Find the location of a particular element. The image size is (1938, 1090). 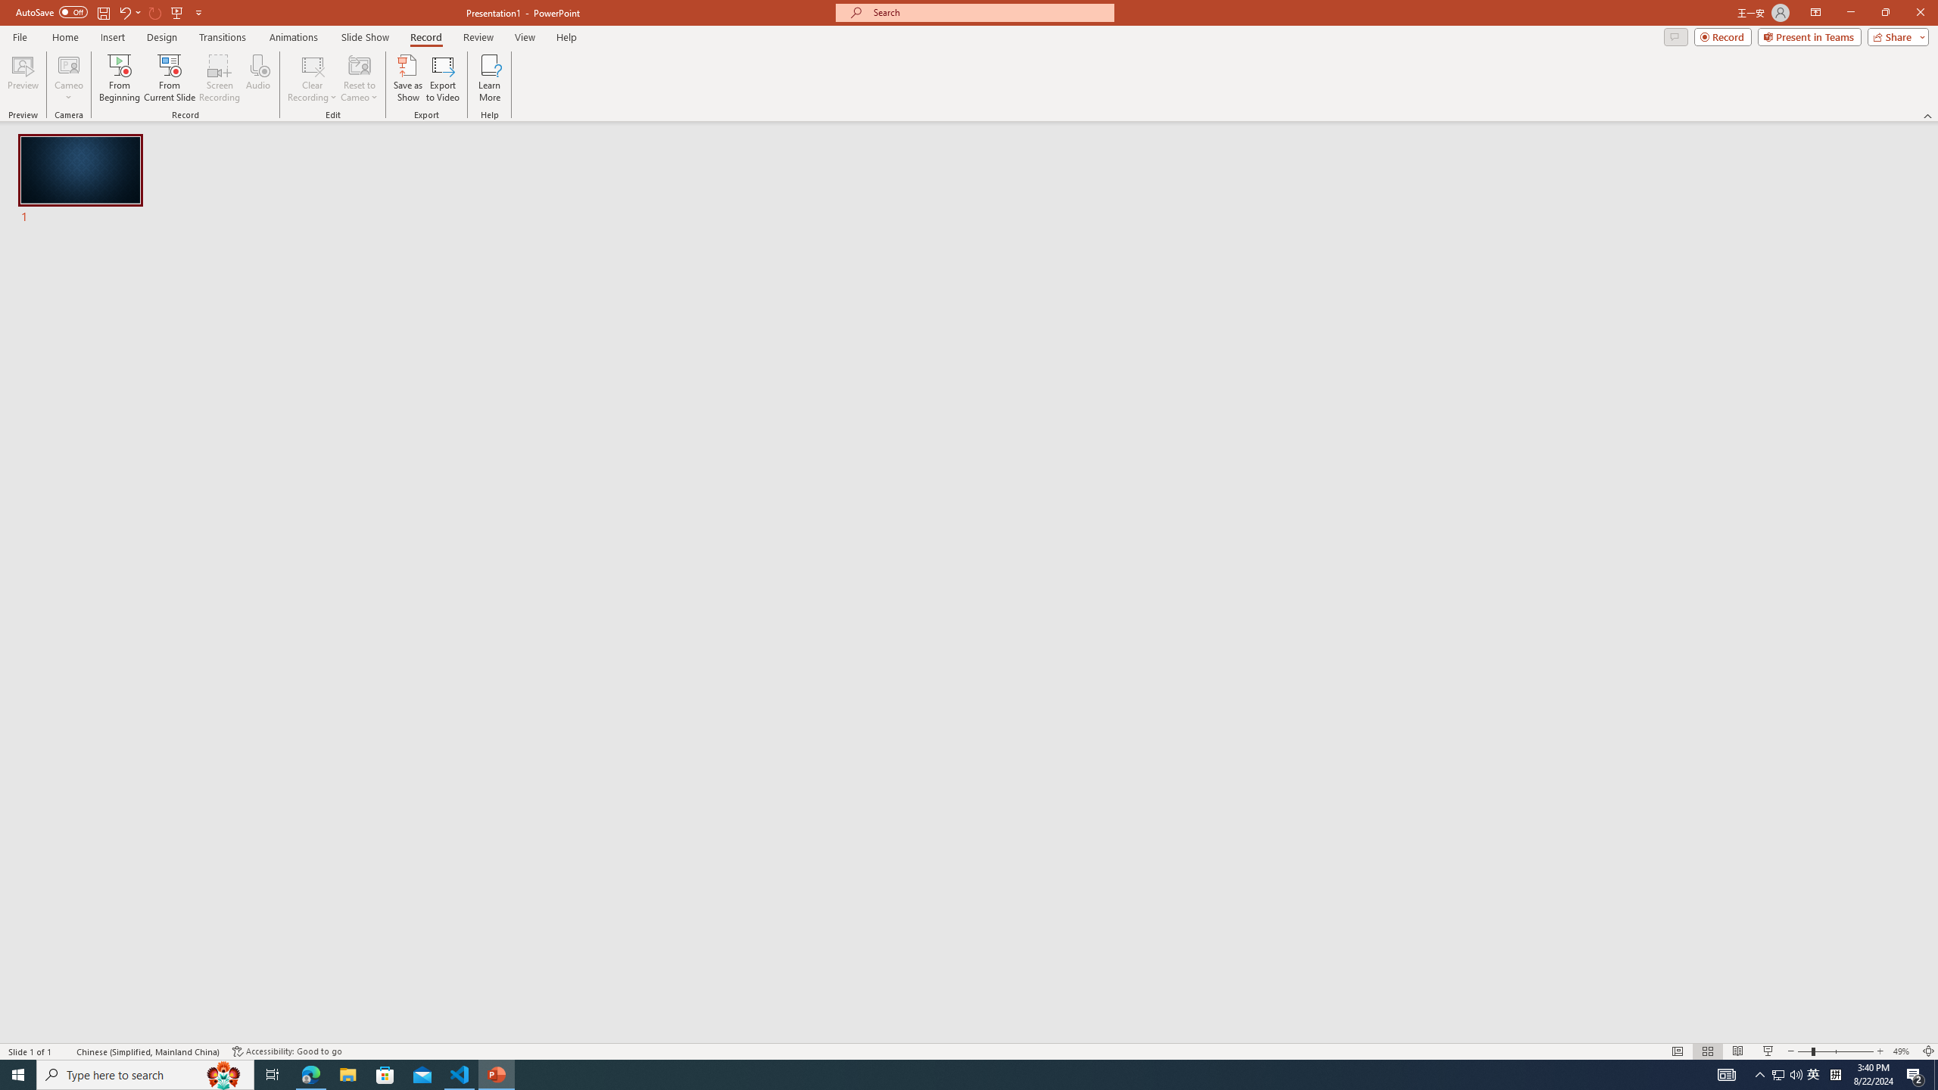

'Spell Check ' is located at coordinates (65, 1051).